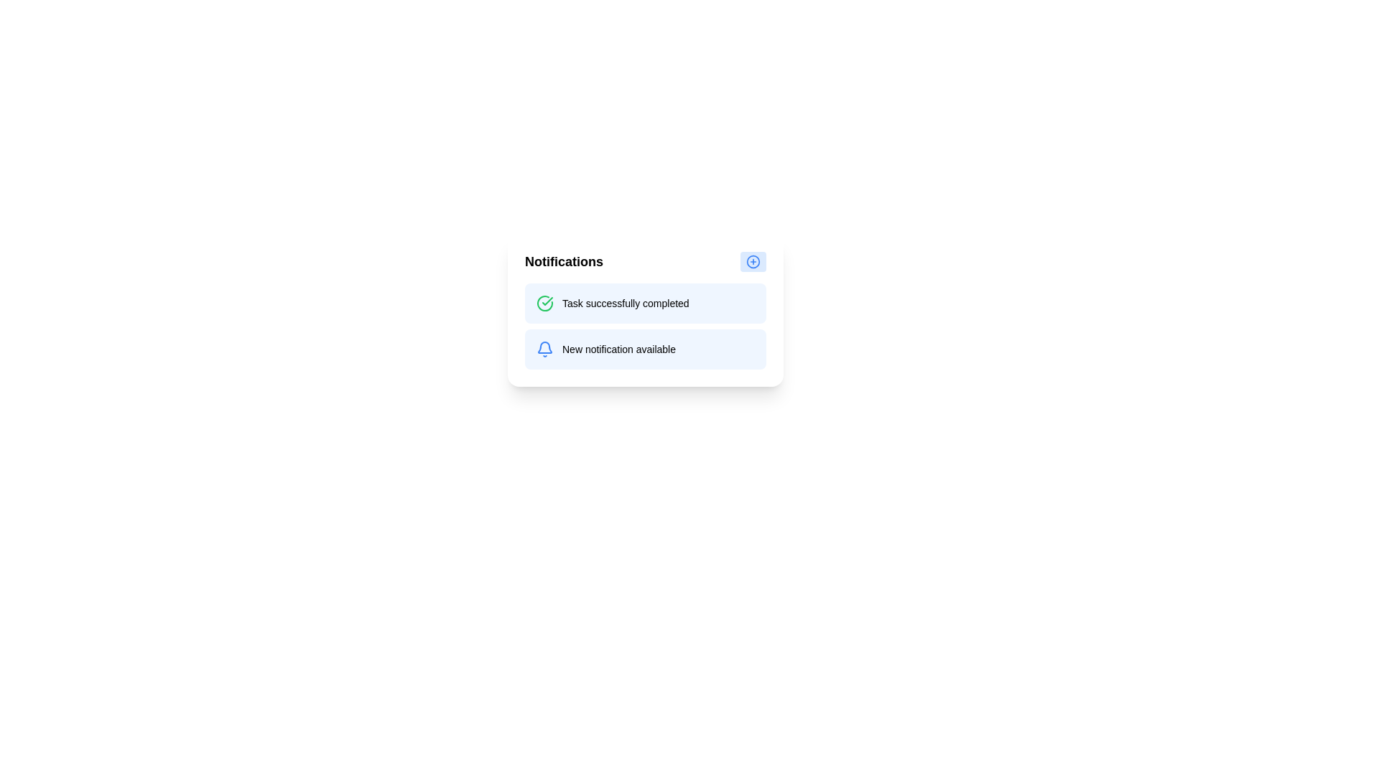 The image size is (1379, 775). What do you see at coordinates (626, 303) in the screenshot?
I see `the success notification text label indicating task completion, located to the right of the green checkmark icon` at bounding box center [626, 303].